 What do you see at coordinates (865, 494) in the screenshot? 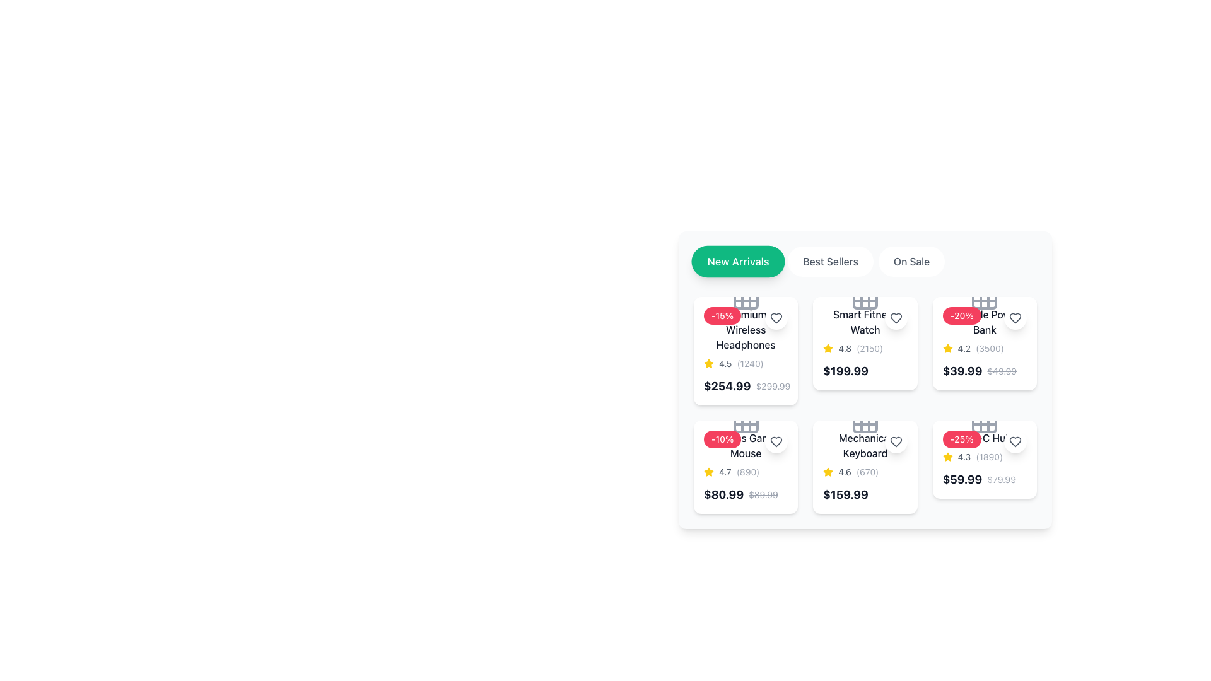
I see `price text displayed in the price section of the 'Mechanical Keyboard' card located in the bottom row, middle column of the grid layout` at bounding box center [865, 494].